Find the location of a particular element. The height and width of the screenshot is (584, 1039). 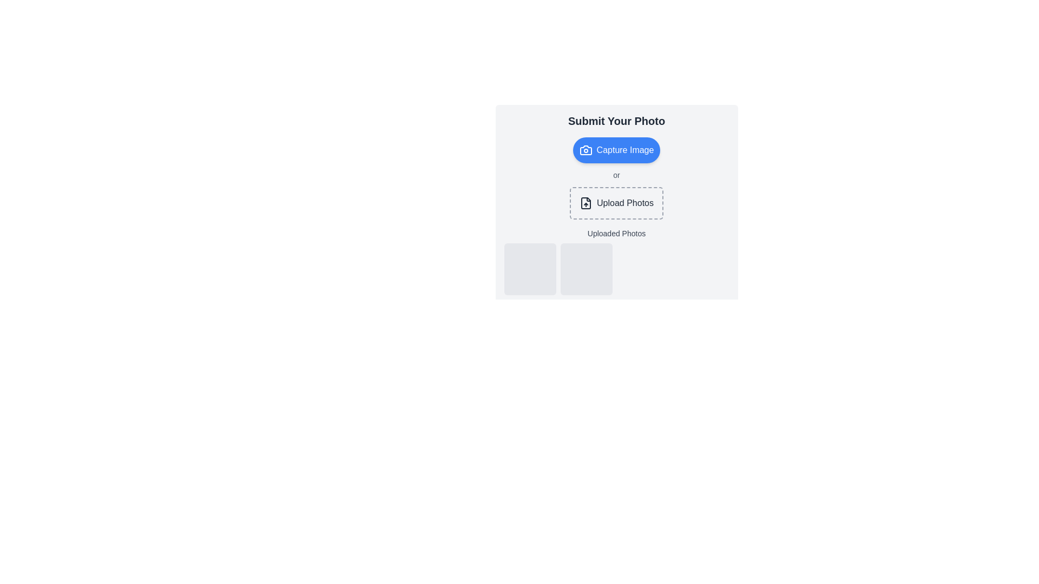

the Text Label that serves as a title for the section displaying uploaded photo thumbnails, positioned beneath the 'Upload Photos' button is located at coordinates (616, 233).